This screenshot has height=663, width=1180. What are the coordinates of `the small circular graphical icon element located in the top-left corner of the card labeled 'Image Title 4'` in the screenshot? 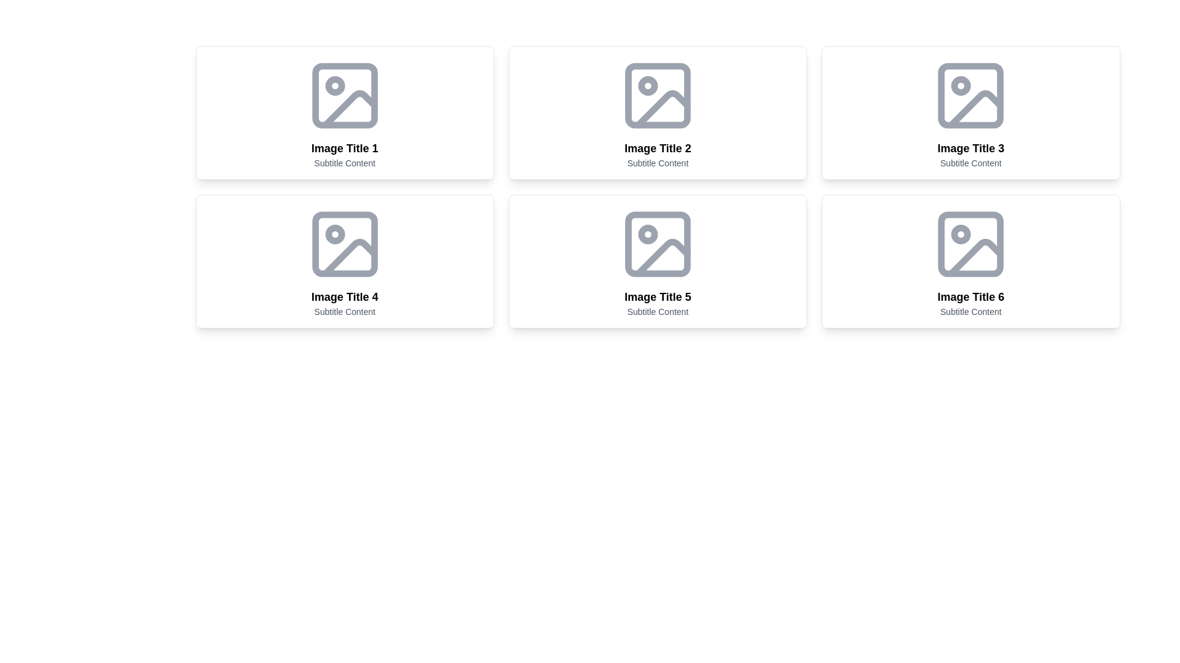 It's located at (335, 234).